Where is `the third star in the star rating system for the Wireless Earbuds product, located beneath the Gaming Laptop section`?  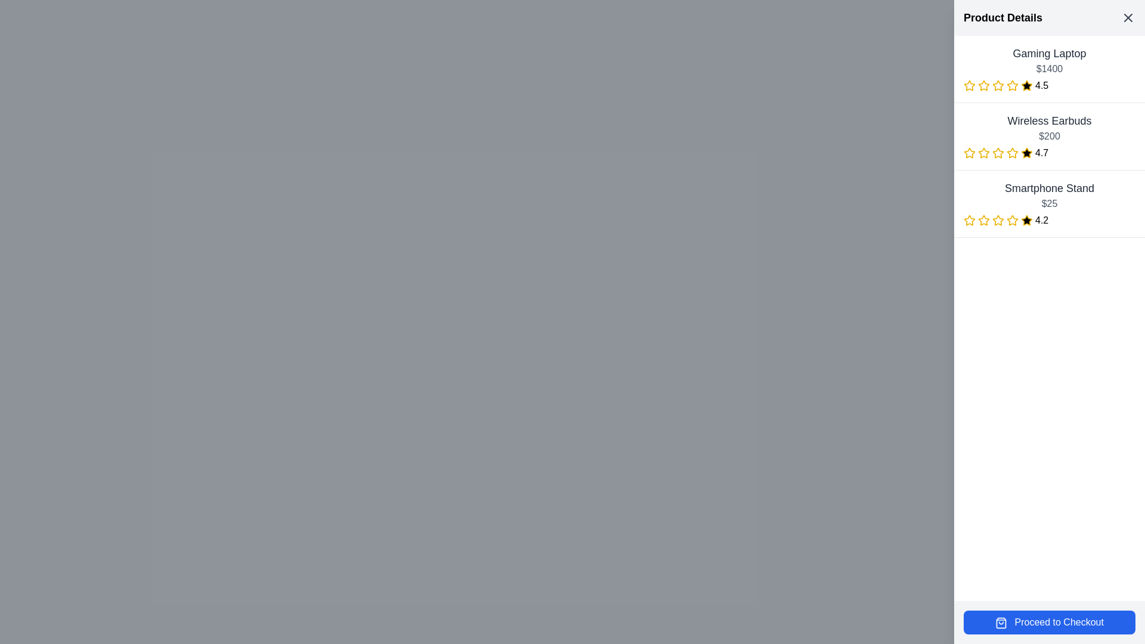 the third star in the star rating system for the Wireless Earbuds product, located beneath the Gaming Laptop section is located at coordinates (998, 152).